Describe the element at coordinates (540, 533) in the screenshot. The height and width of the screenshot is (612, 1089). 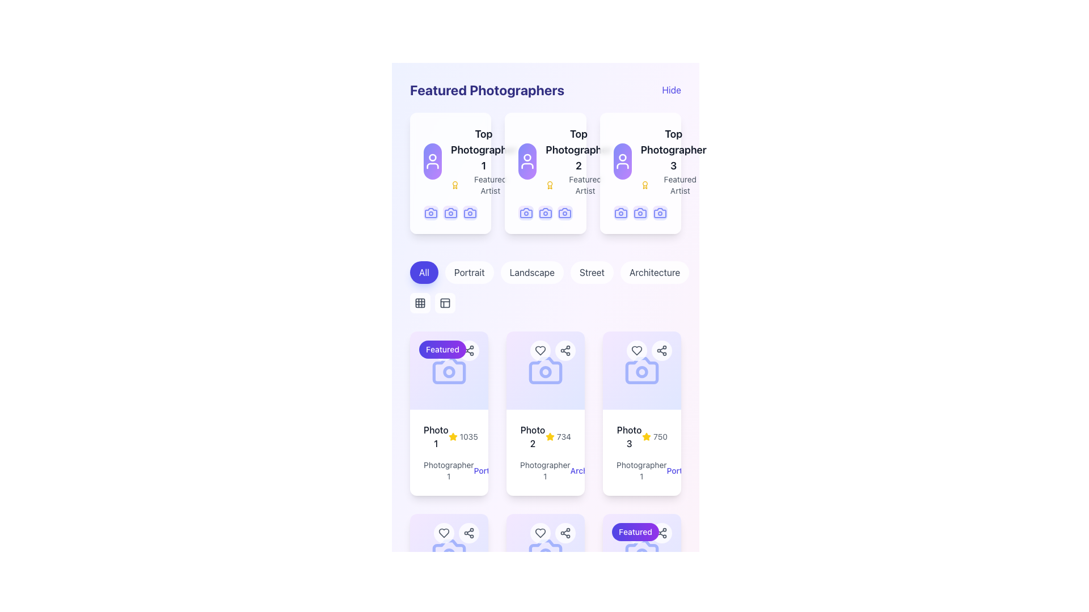
I see `the like or favorite toggle icon in the top-right corner of the 'Photo 2' card` at that location.